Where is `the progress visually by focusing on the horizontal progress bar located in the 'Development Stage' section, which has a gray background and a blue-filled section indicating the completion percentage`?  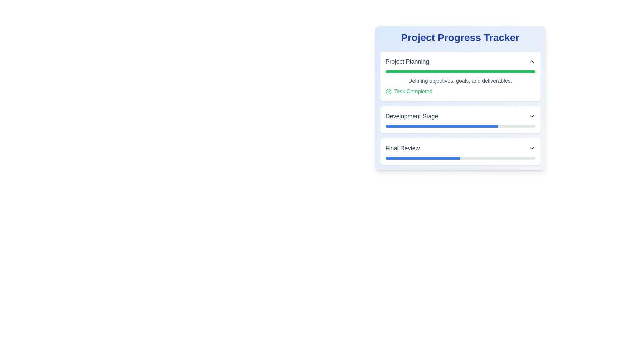 the progress visually by focusing on the horizontal progress bar located in the 'Development Stage' section, which has a gray background and a blue-filled section indicating the completion percentage is located at coordinates (460, 126).